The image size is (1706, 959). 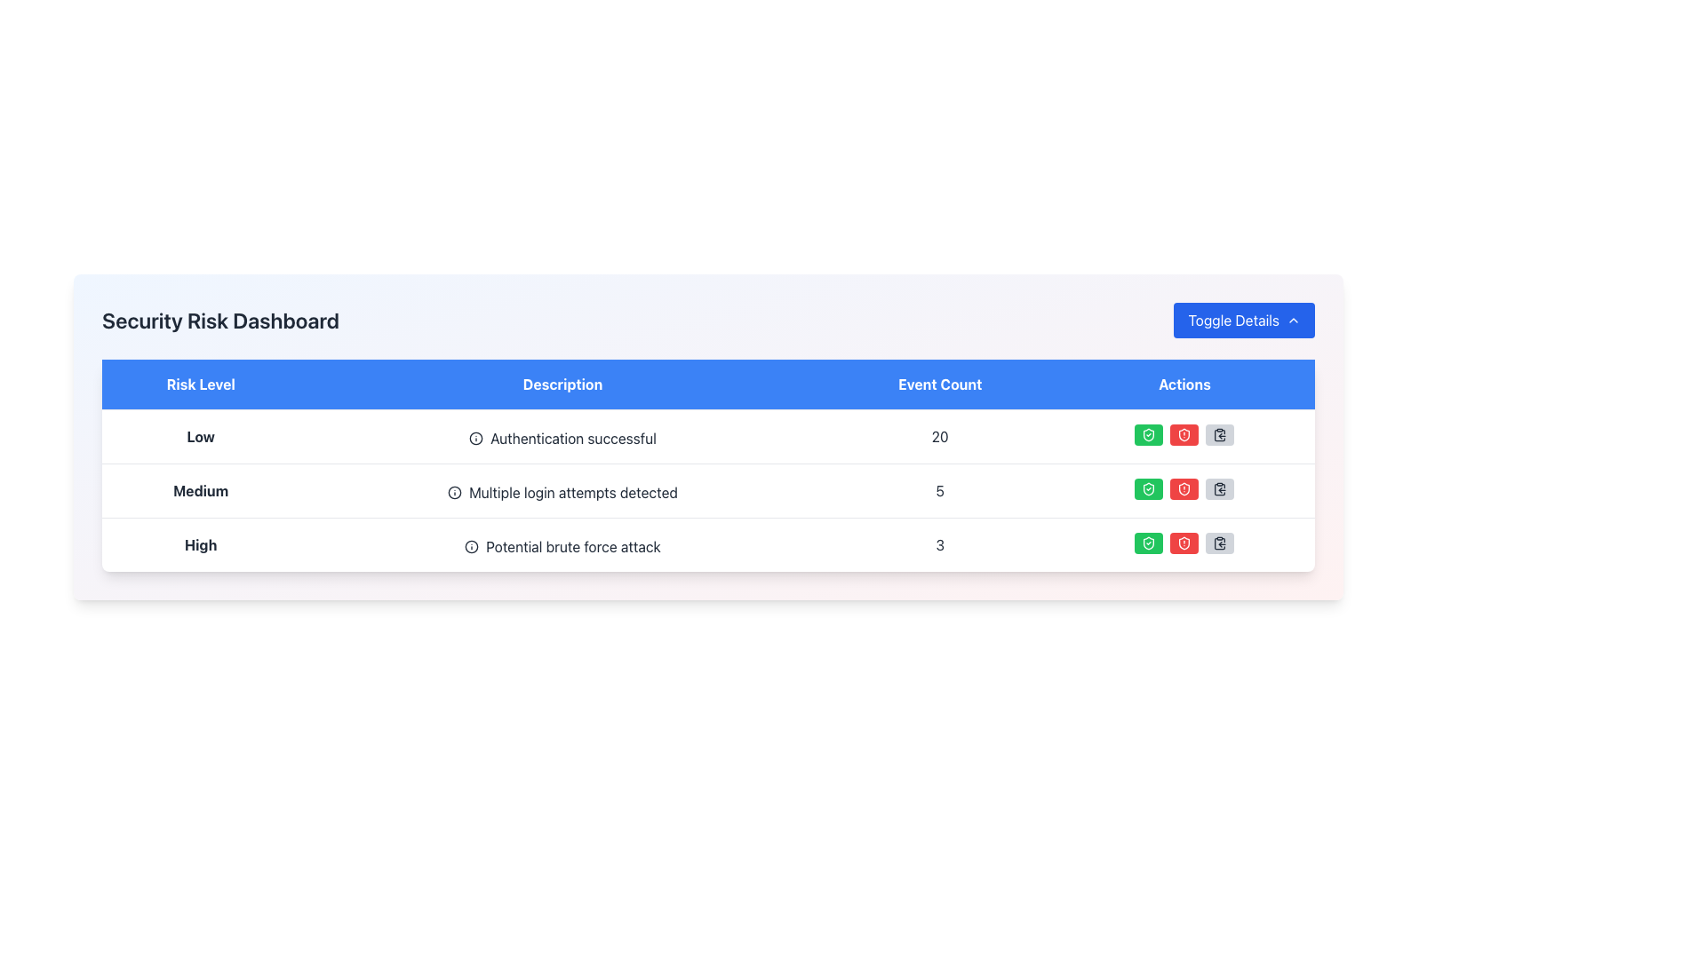 What do you see at coordinates (455, 493) in the screenshot?
I see `the information icon located in the 'Description' column of the second row, before the text 'Multiple login attempts detected'` at bounding box center [455, 493].